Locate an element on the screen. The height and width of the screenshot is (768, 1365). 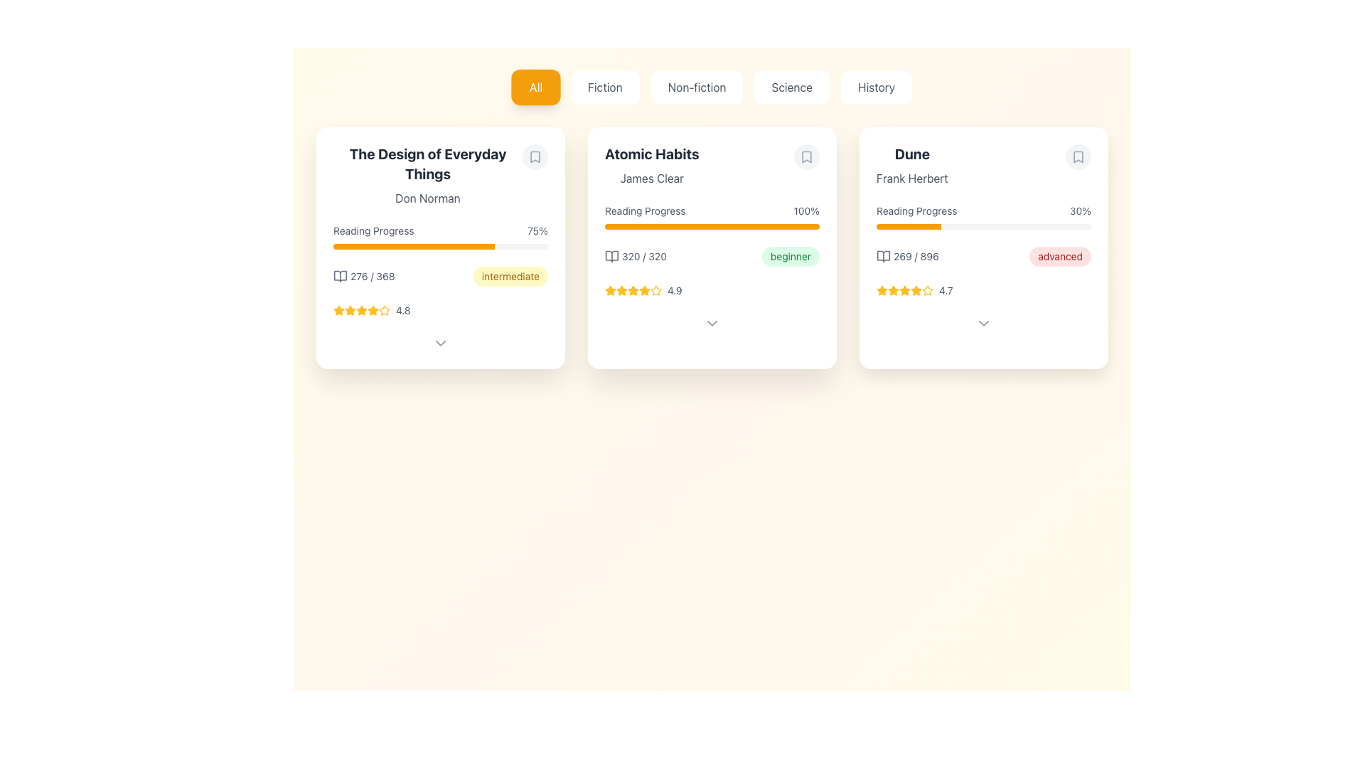
the style and fill of the fifth star-shaped icon in golden-yellow color located below the 'Dune' book card is located at coordinates (916, 289).